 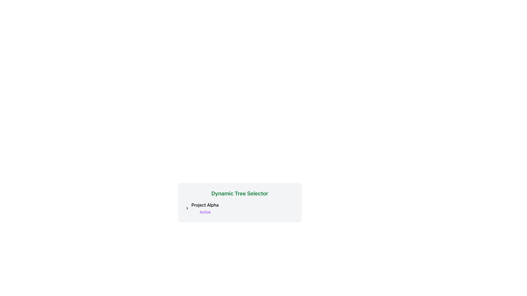 What do you see at coordinates (205, 205) in the screenshot?
I see `the 'Project Alpha' text label, which serves as a title indicating the name of a project and is located in the 'Dynamic Tree Selector' section, above the 'Active' element` at bounding box center [205, 205].